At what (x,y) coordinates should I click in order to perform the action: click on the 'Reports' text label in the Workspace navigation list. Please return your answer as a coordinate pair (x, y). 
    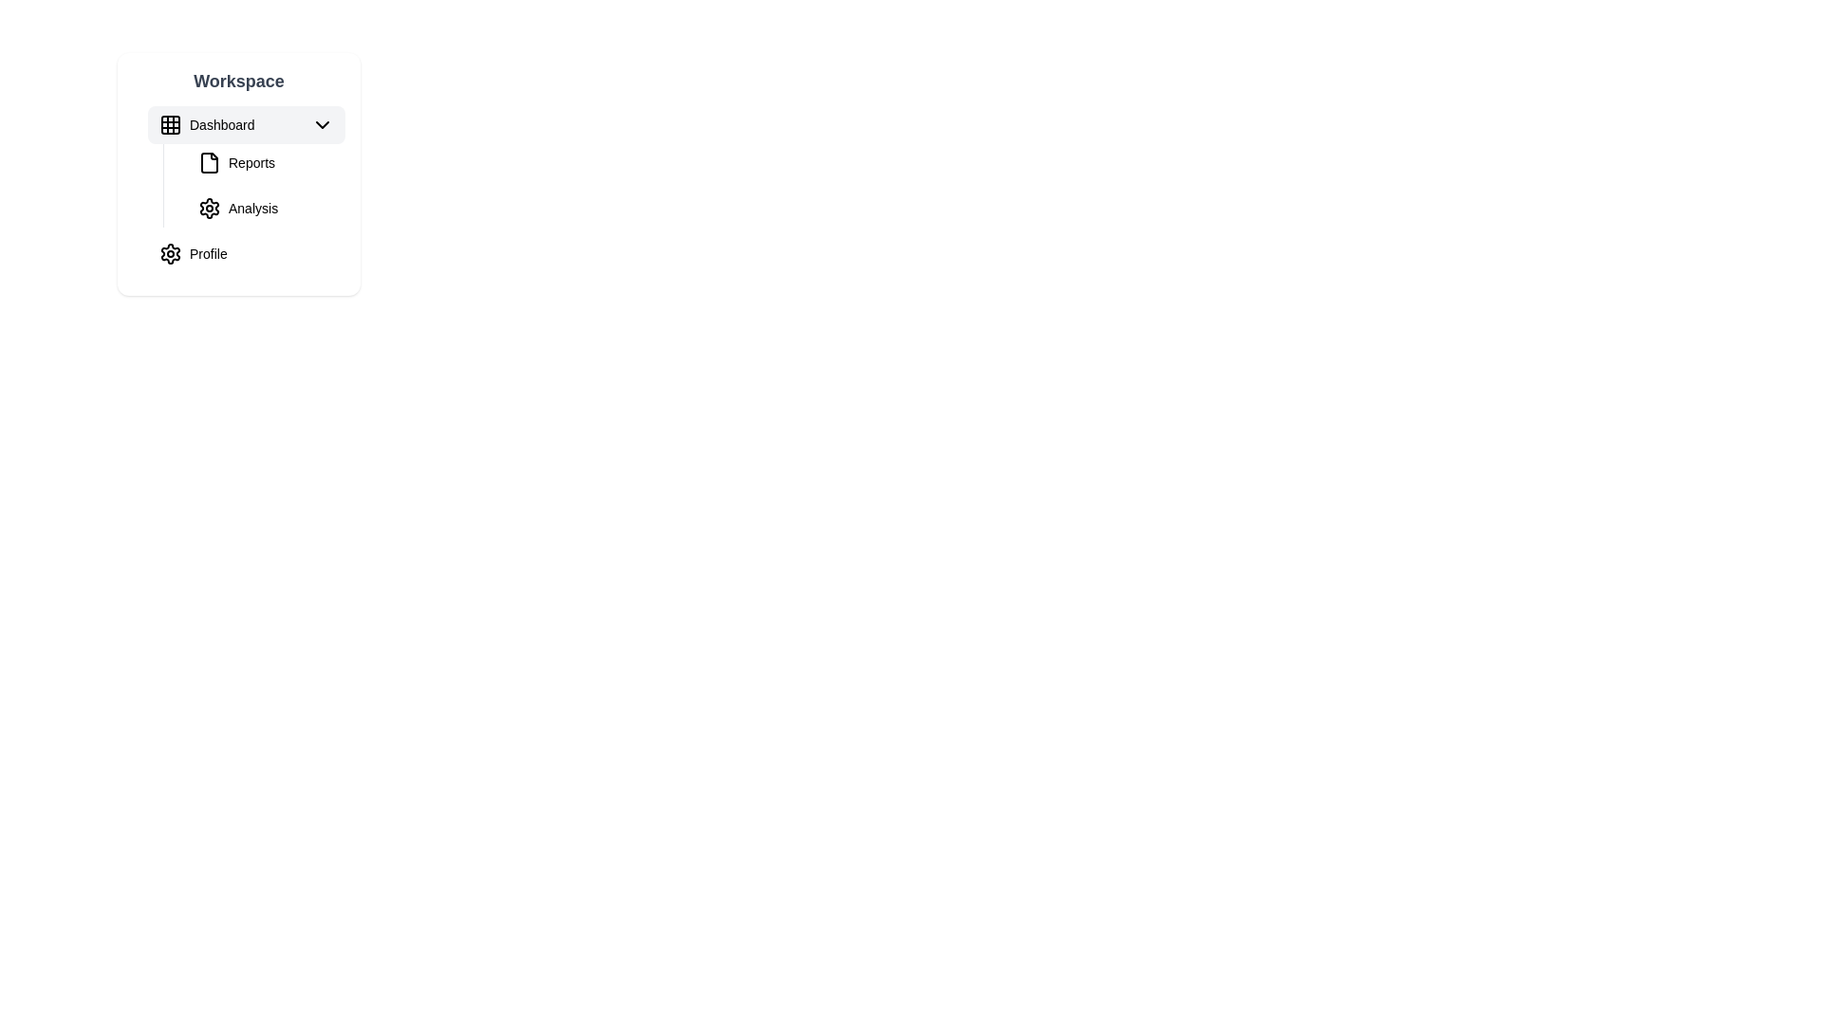
    Looking at the image, I should click on (251, 162).